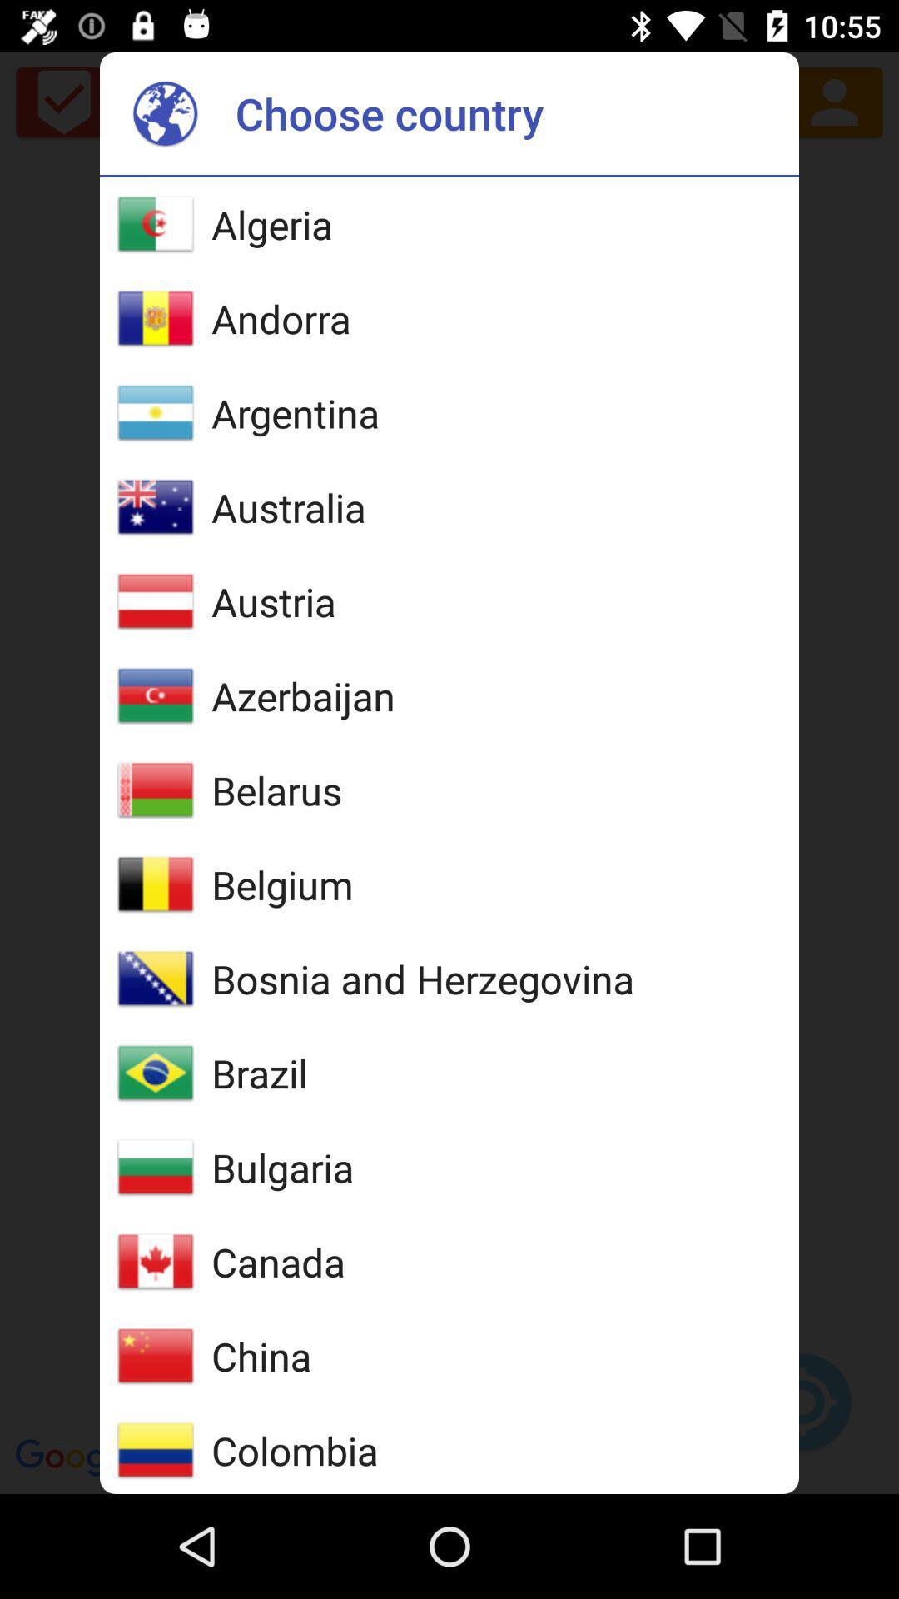  What do you see at coordinates (277, 1262) in the screenshot?
I see `the canada icon` at bounding box center [277, 1262].